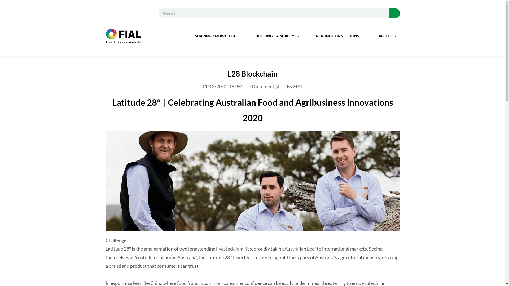  What do you see at coordinates (265, 86) in the screenshot?
I see `'0 Comment(s)'` at bounding box center [265, 86].